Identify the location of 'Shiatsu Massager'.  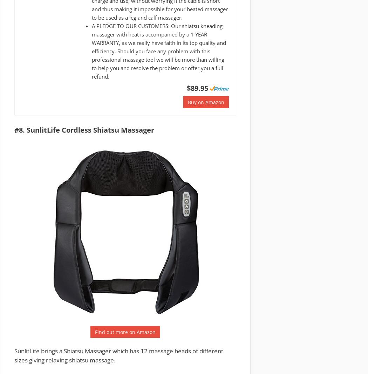
(87, 351).